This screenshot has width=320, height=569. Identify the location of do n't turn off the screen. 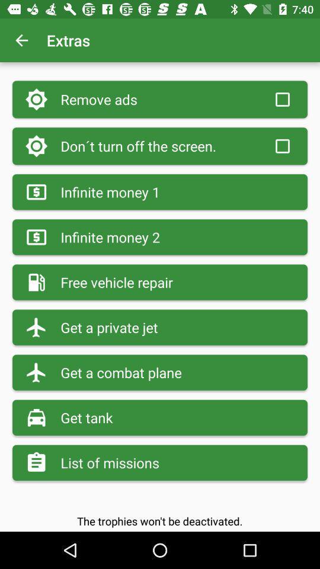
(281, 145).